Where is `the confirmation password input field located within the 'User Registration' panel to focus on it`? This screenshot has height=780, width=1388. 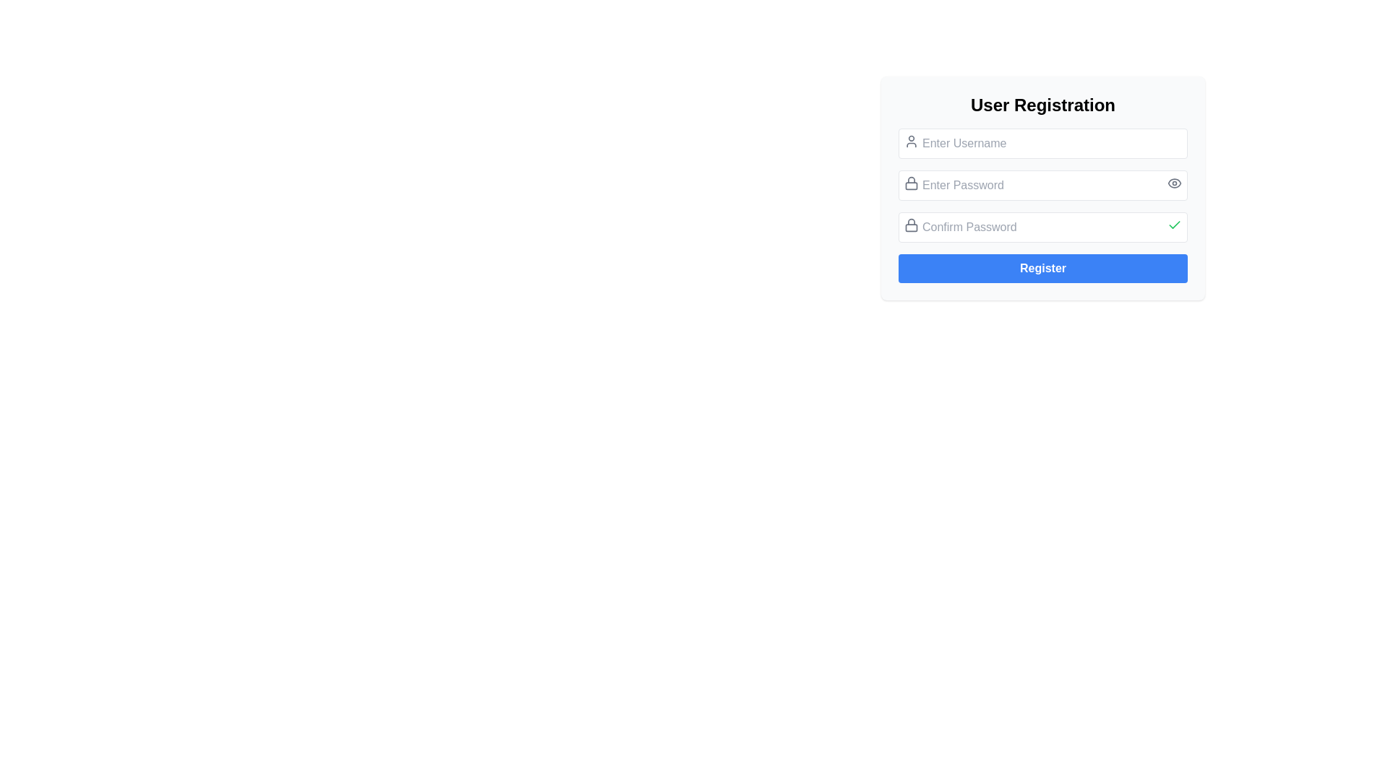 the confirmation password input field located within the 'User Registration' panel to focus on it is located at coordinates (1043, 227).